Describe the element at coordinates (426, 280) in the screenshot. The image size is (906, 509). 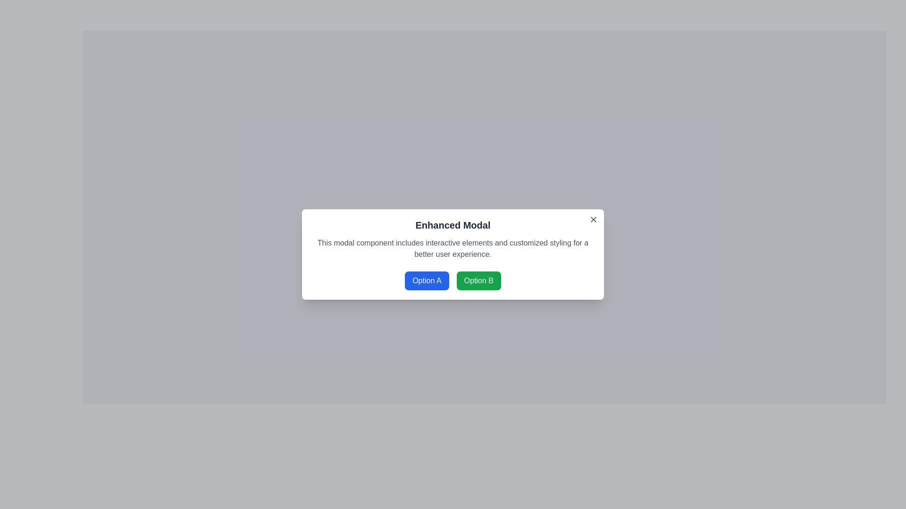
I see `the 'Option A' button located at the bottom left of the modal to observe the hover effect` at that location.